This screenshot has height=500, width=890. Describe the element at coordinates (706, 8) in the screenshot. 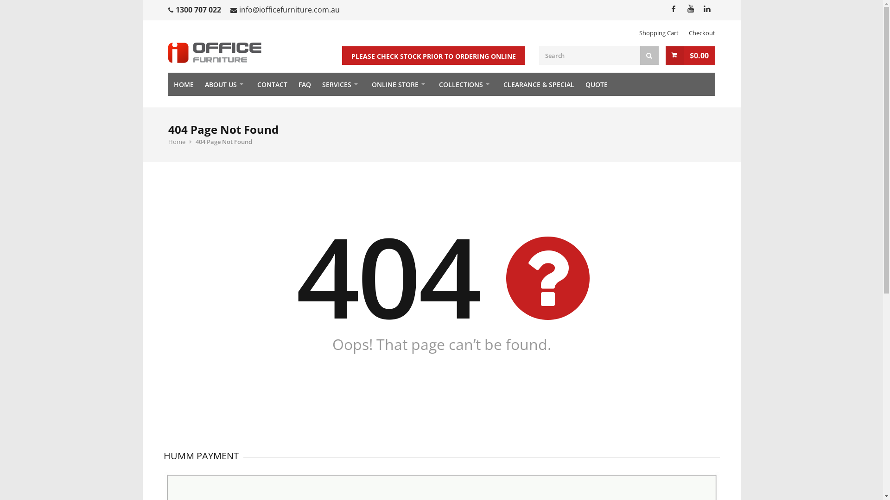

I see `'LinkedIn'` at that location.